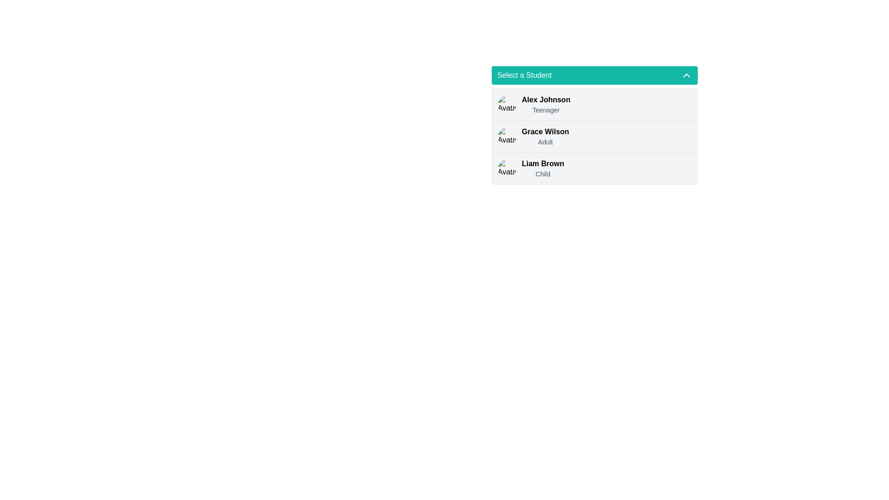  Describe the element at coordinates (545, 142) in the screenshot. I see `the text label reading 'Adult' that is styled in light gray and positioned below 'Grace Wilson' in the list of selectable items` at that location.